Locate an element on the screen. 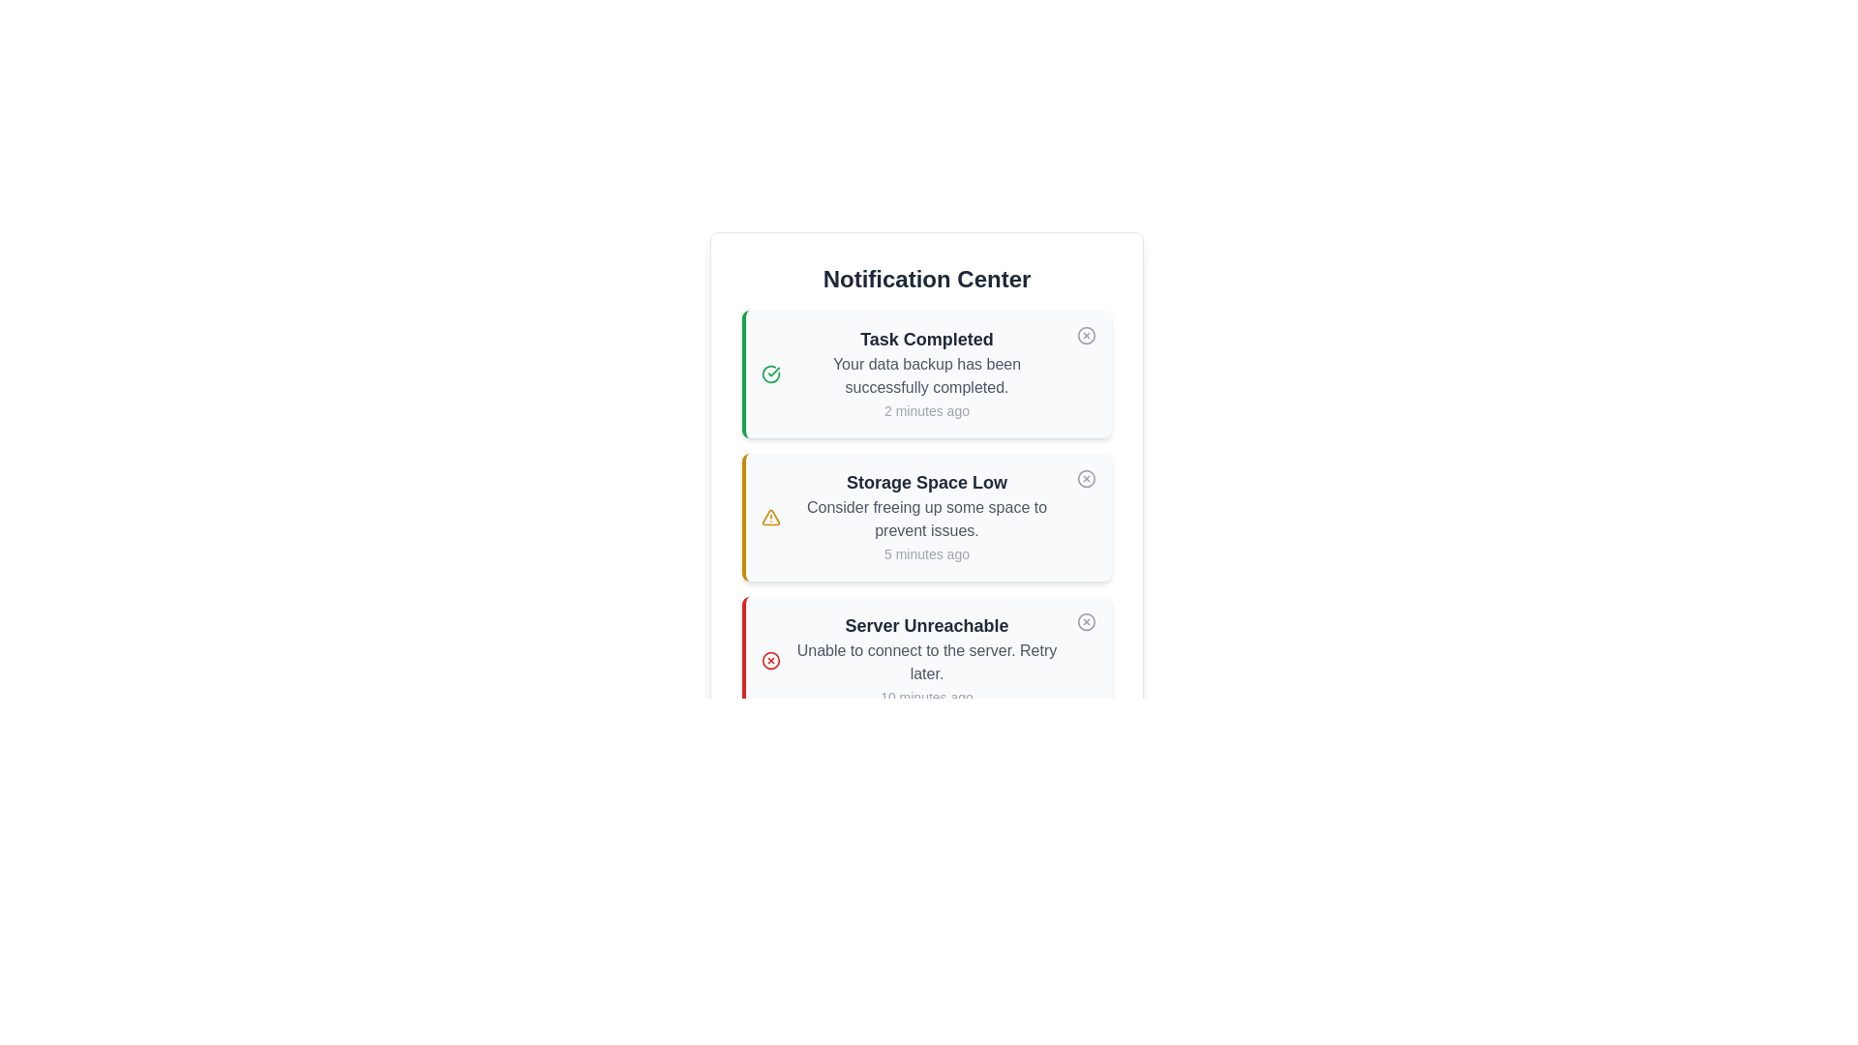  the error or warning icon located on the left side of the 'Server Unreachable' notification item is located at coordinates (769, 659).